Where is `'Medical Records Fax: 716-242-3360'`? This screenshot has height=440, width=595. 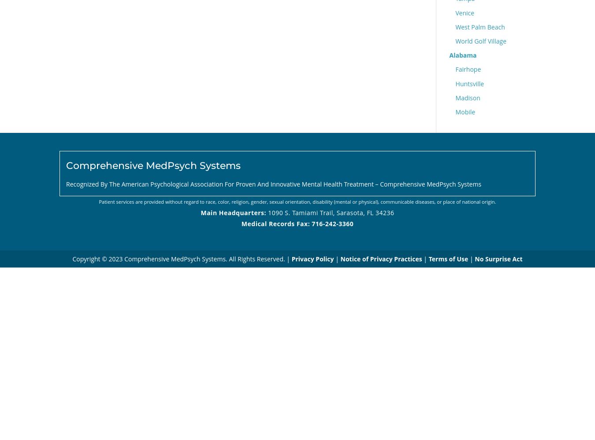 'Medical Records Fax: 716-242-3360' is located at coordinates (297, 224).